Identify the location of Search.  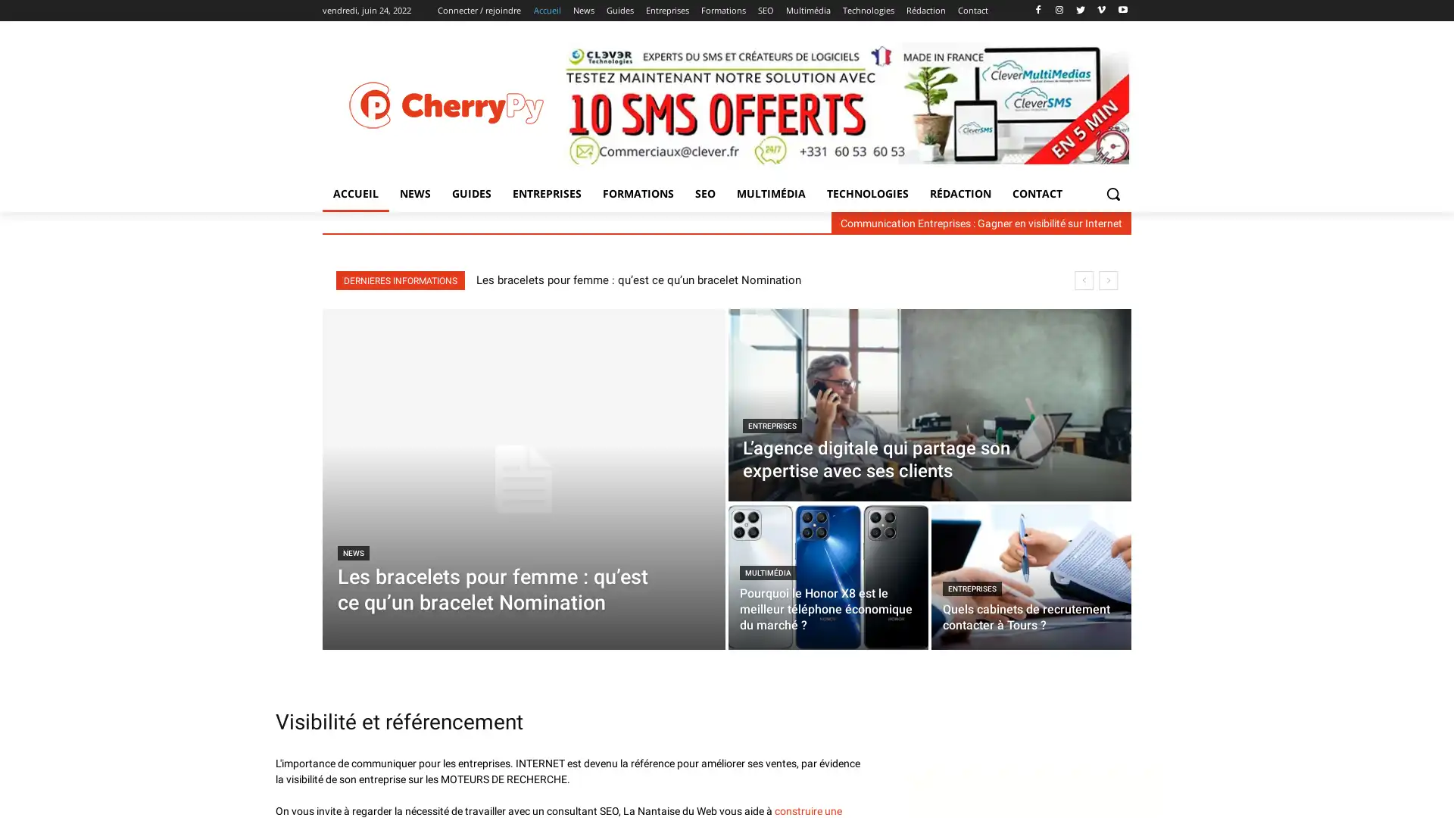
(1112, 192).